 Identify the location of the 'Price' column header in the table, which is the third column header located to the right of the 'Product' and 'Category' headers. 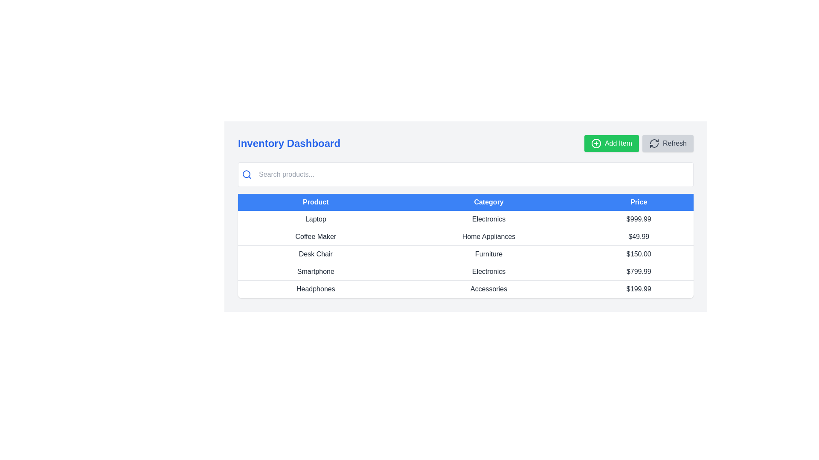
(639, 202).